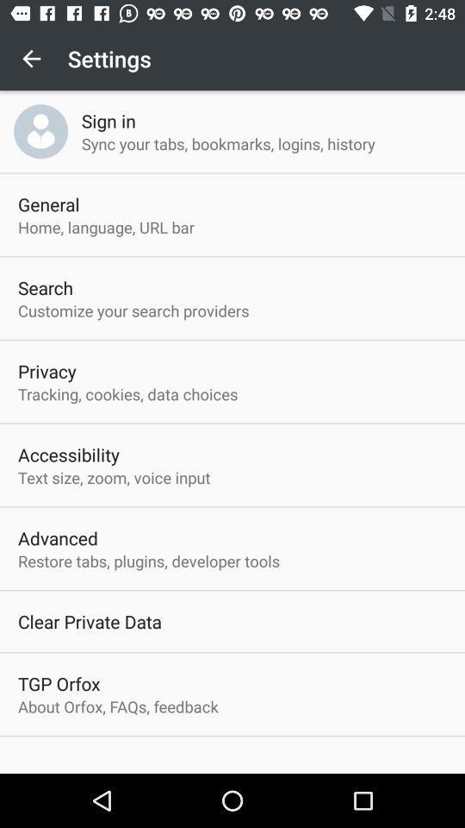  What do you see at coordinates (31, 59) in the screenshot?
I see `app next to settings app` at bounding box center [31, 59].